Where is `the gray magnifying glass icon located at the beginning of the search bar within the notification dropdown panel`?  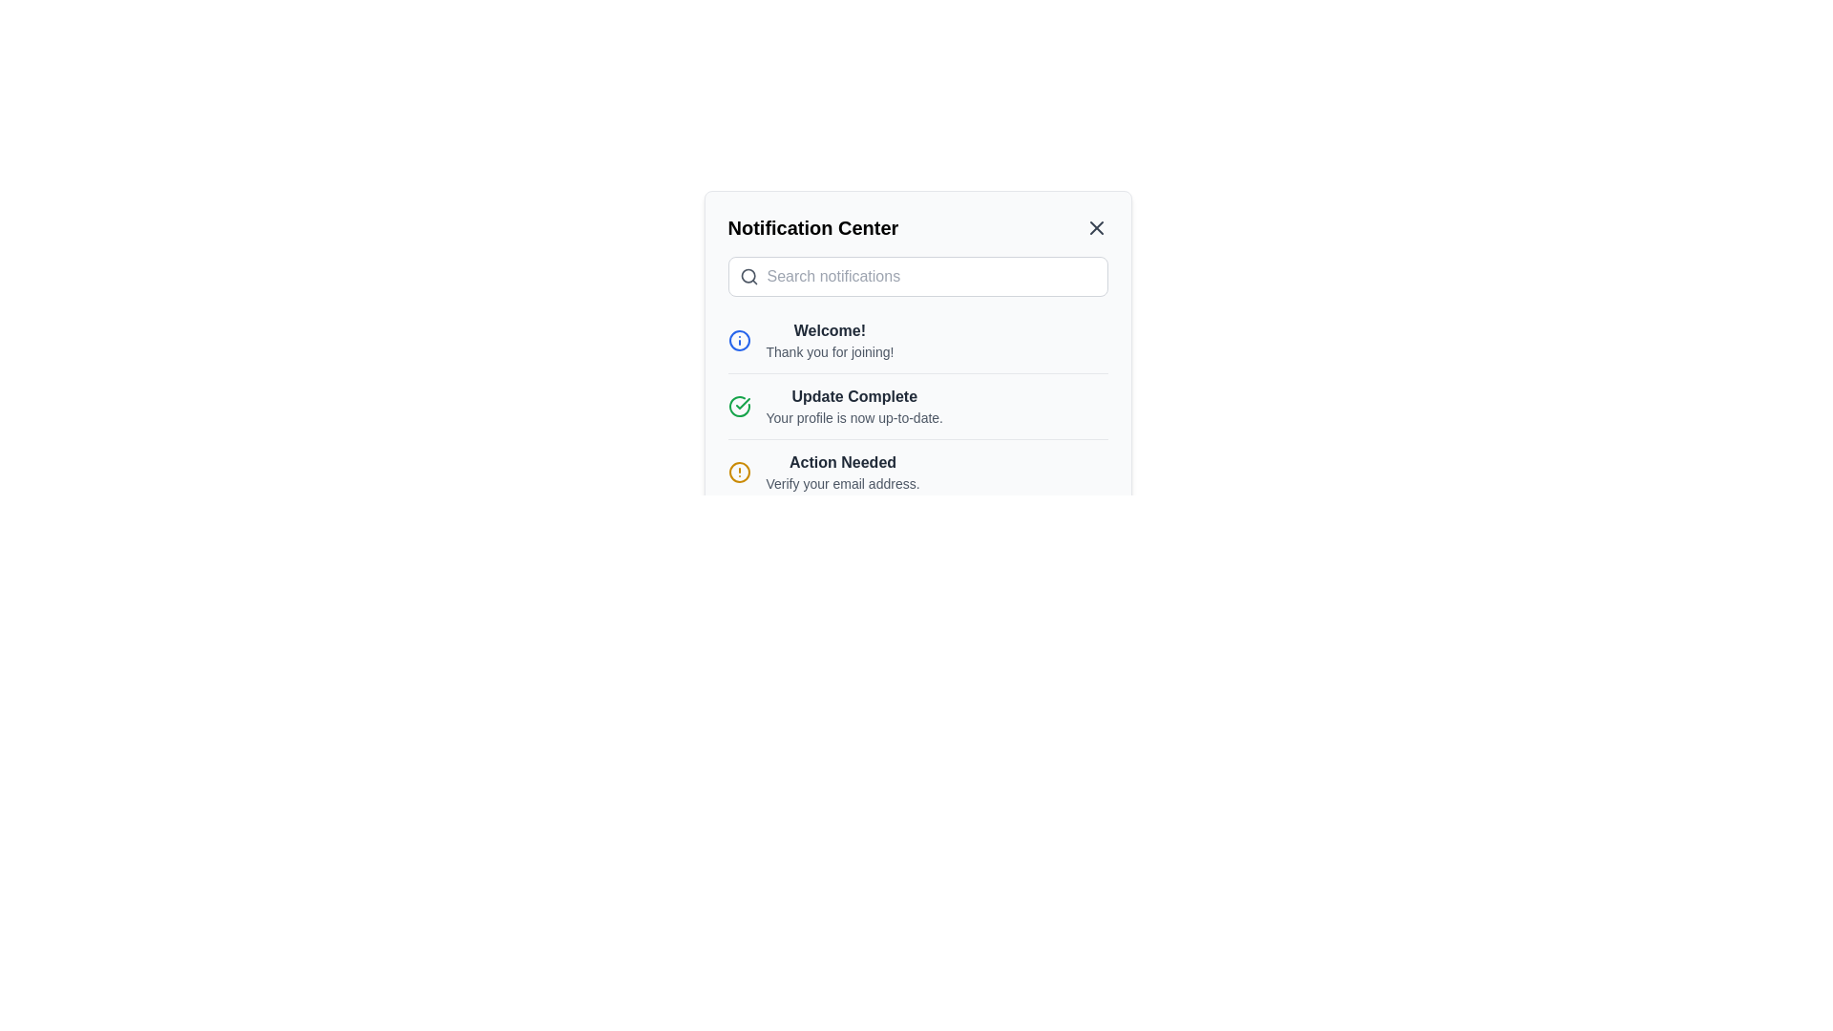 the gray magnifying glass icon located at the beginning of the search bar within the notification dropdown panel is located at coordinates (748, 276).